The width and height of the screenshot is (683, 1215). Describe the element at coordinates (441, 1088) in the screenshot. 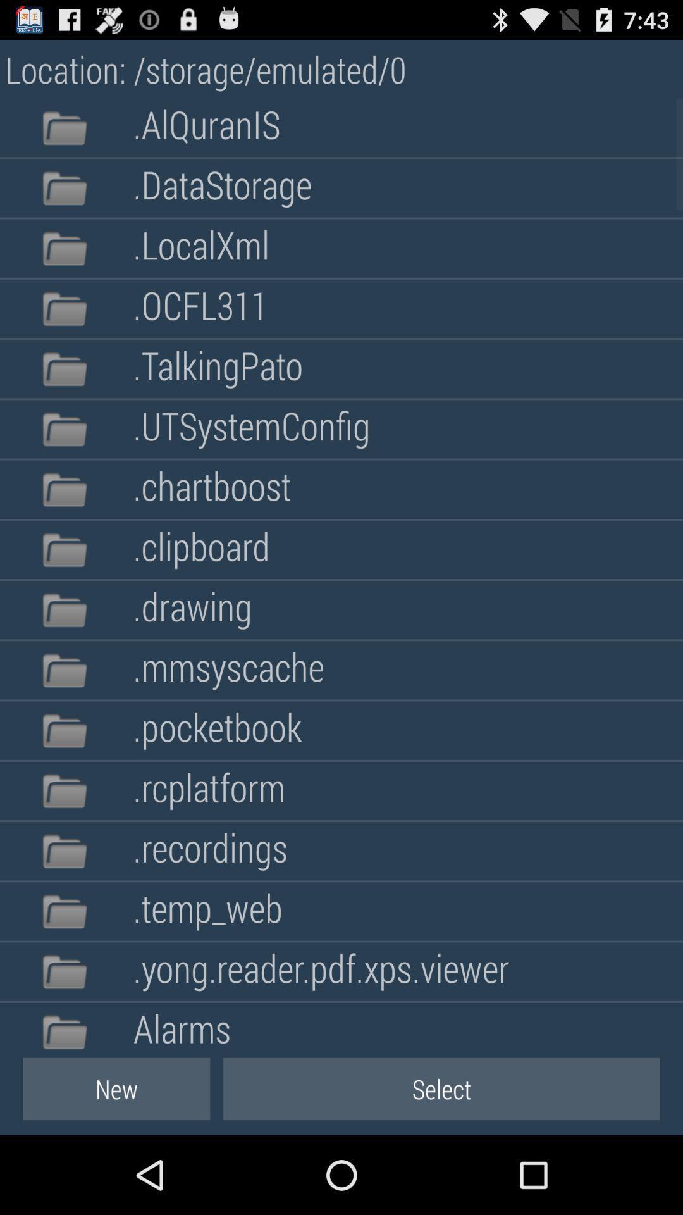

I see `item next to new item` at that location.